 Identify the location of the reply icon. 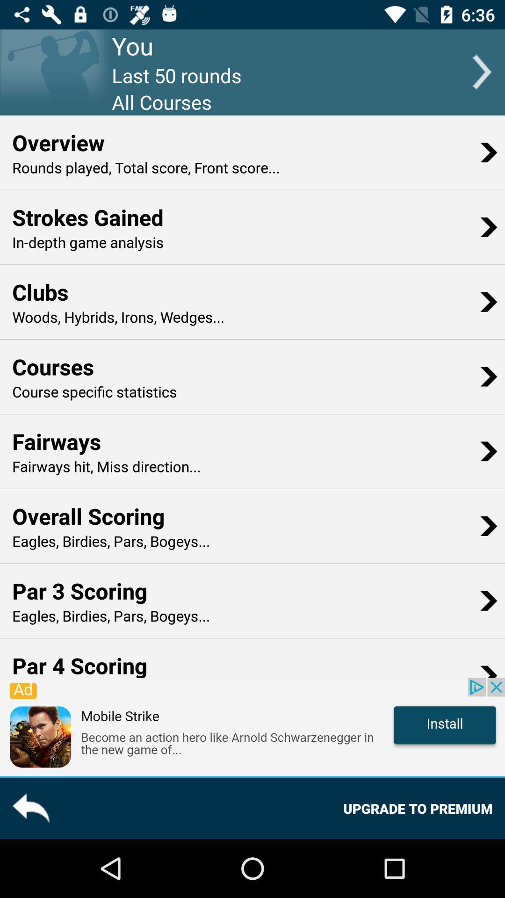
(30, 808).